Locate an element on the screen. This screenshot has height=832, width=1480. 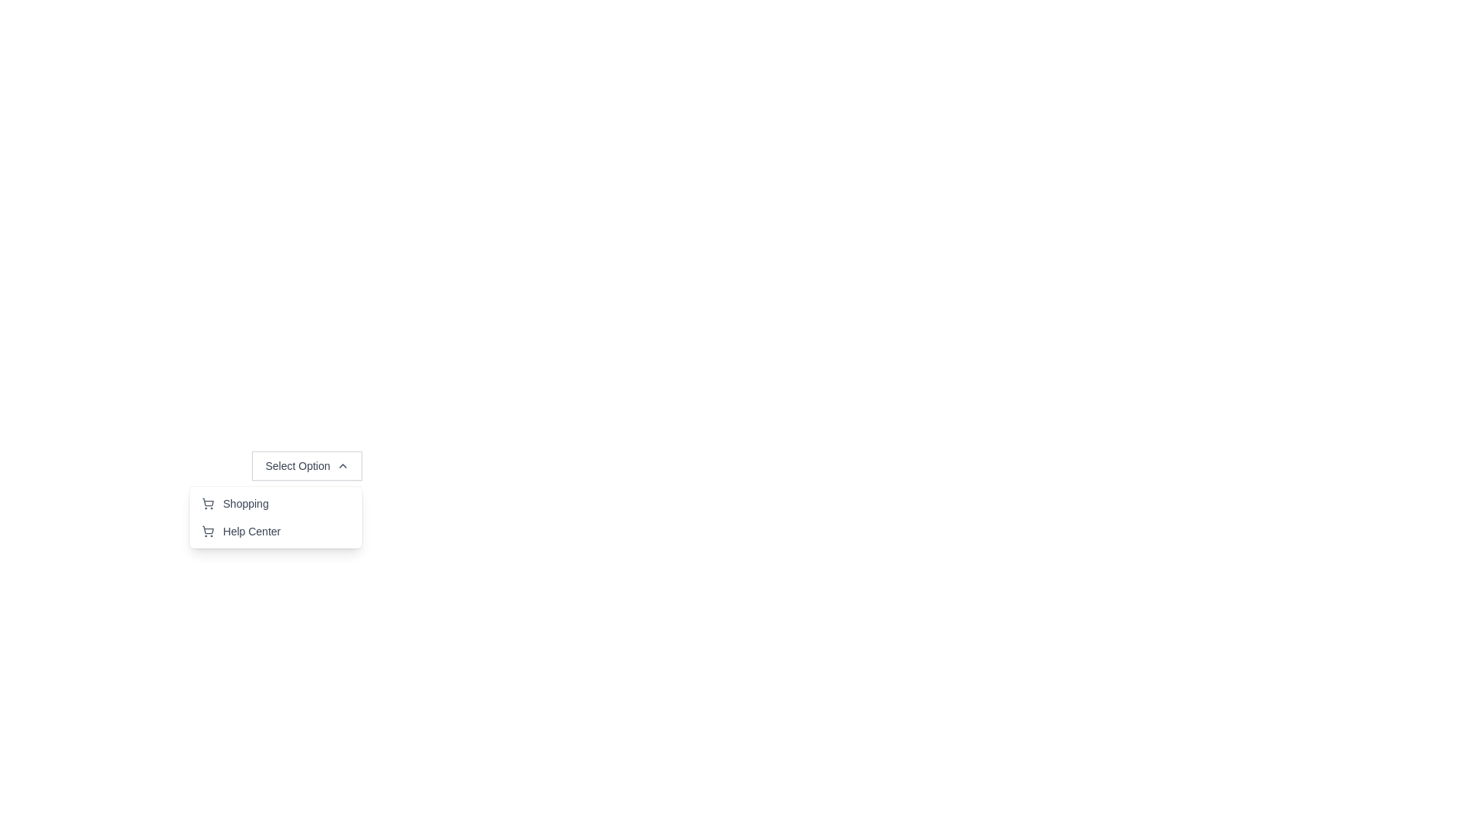
the 'Shopping' button, which features a gray shopping cart icon and is the first entry in the dropdown menu below 'Select Option' is located at coordinates (234, 504).